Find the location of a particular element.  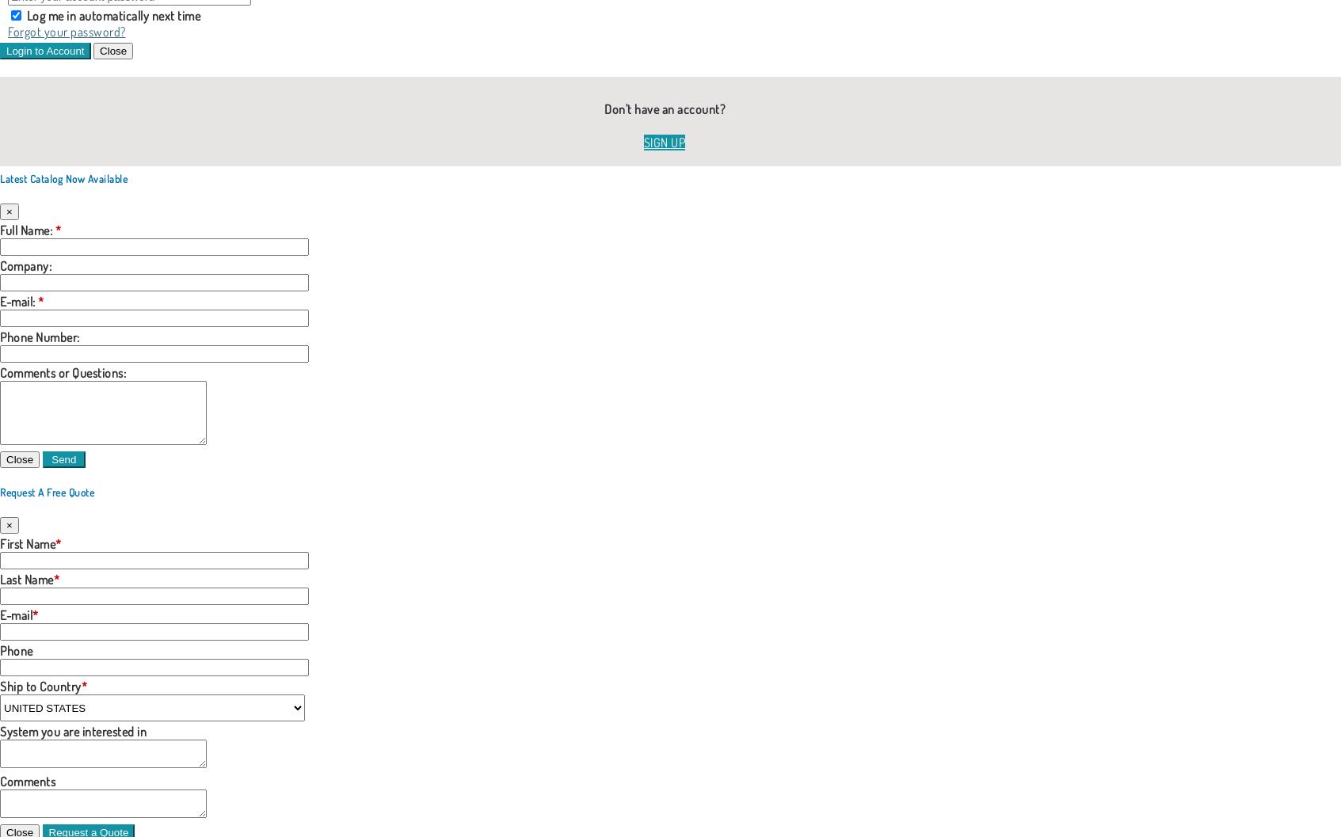

'Latest Catalog Now Available' is located at coordinates (0, 177).